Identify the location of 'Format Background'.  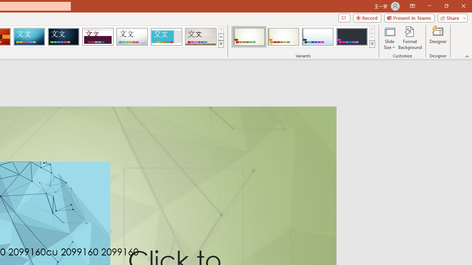
(410, 38).